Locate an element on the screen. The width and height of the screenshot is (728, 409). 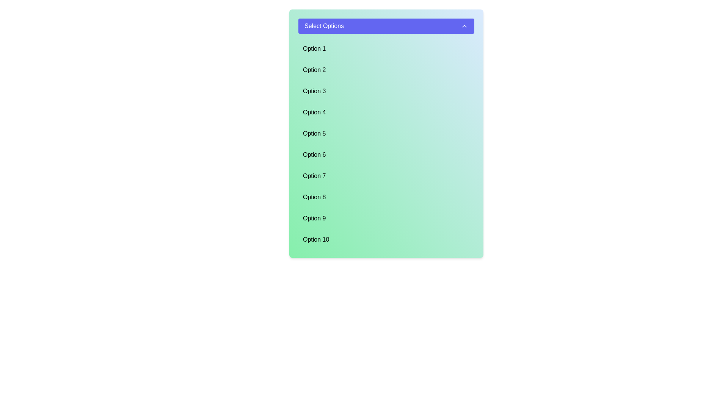
the fifth option button in the selection list is located at coordinates (386, 133).